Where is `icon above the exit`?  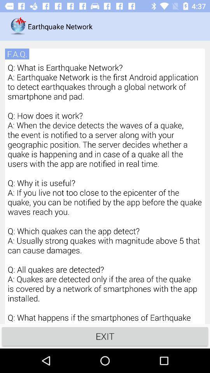 icon above the exit is located at coordinates (105, 192).